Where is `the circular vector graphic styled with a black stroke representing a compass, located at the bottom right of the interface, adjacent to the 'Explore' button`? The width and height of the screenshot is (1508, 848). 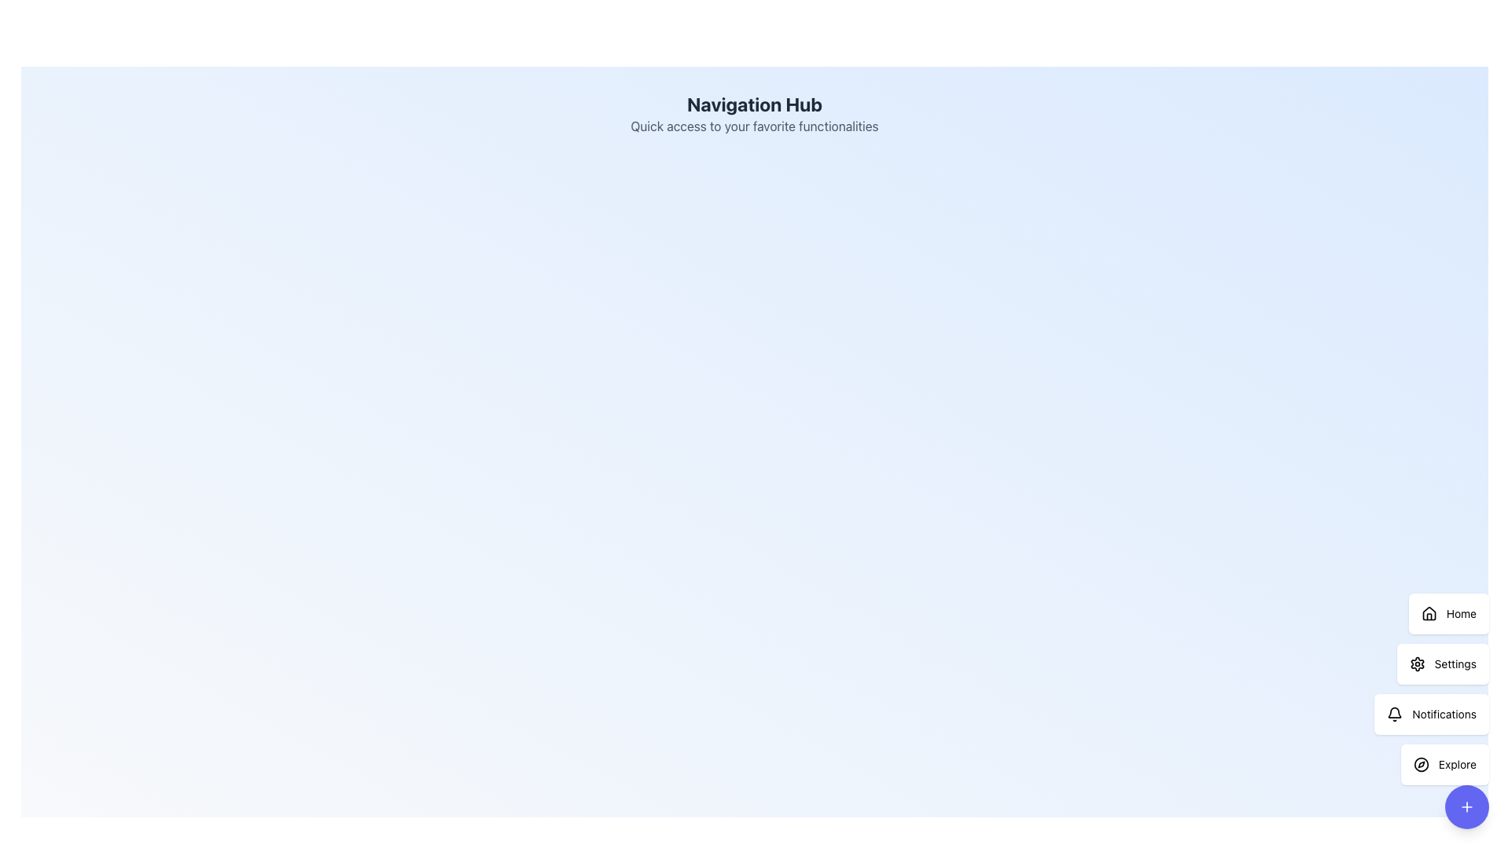
the circular vector graphic styled with a black stroke representing a compass, located at the bottom right of the interface, adjacent to the 'Explore' button is located at coordinates (1421, 764).